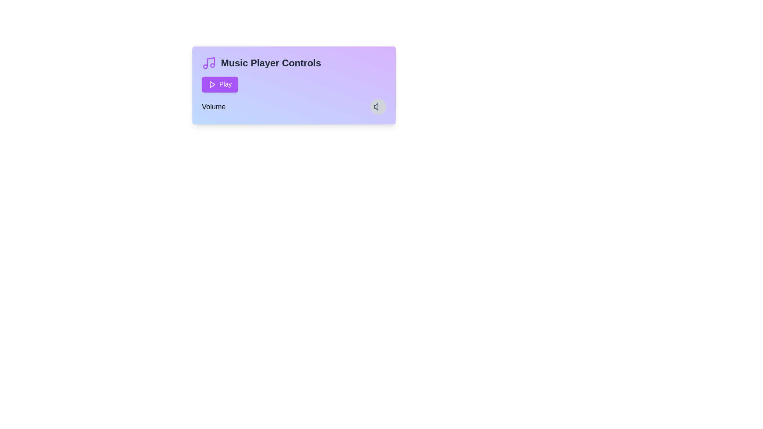 This screenshot has height=429, width=763. I want to click on the 'Play' button, which is a rectangular button with a purple background, rounded corners, and white text that says 'Play', featuring a play icon pointing to the right, so click(220, 84).